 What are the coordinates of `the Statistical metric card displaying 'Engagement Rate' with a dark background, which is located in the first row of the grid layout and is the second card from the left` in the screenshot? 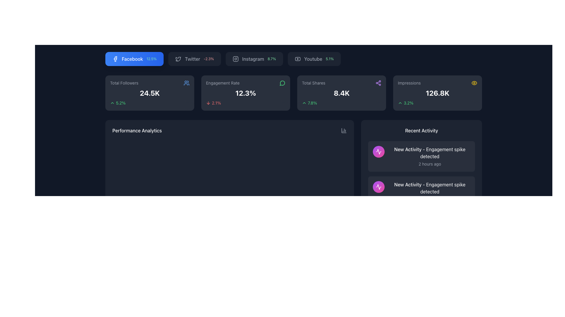 It's located at (246, 92).